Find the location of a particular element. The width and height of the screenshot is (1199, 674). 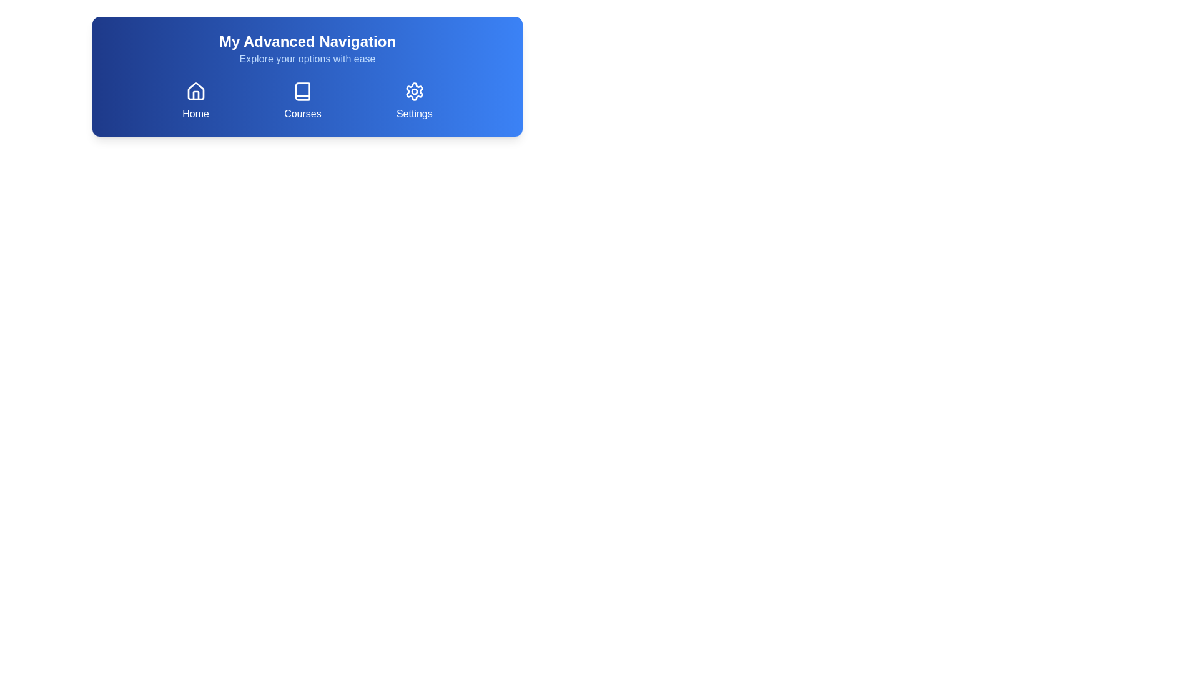

the 'Home' icon located on the leftmost side of the navigation bar is located at coordinates (195, 90).